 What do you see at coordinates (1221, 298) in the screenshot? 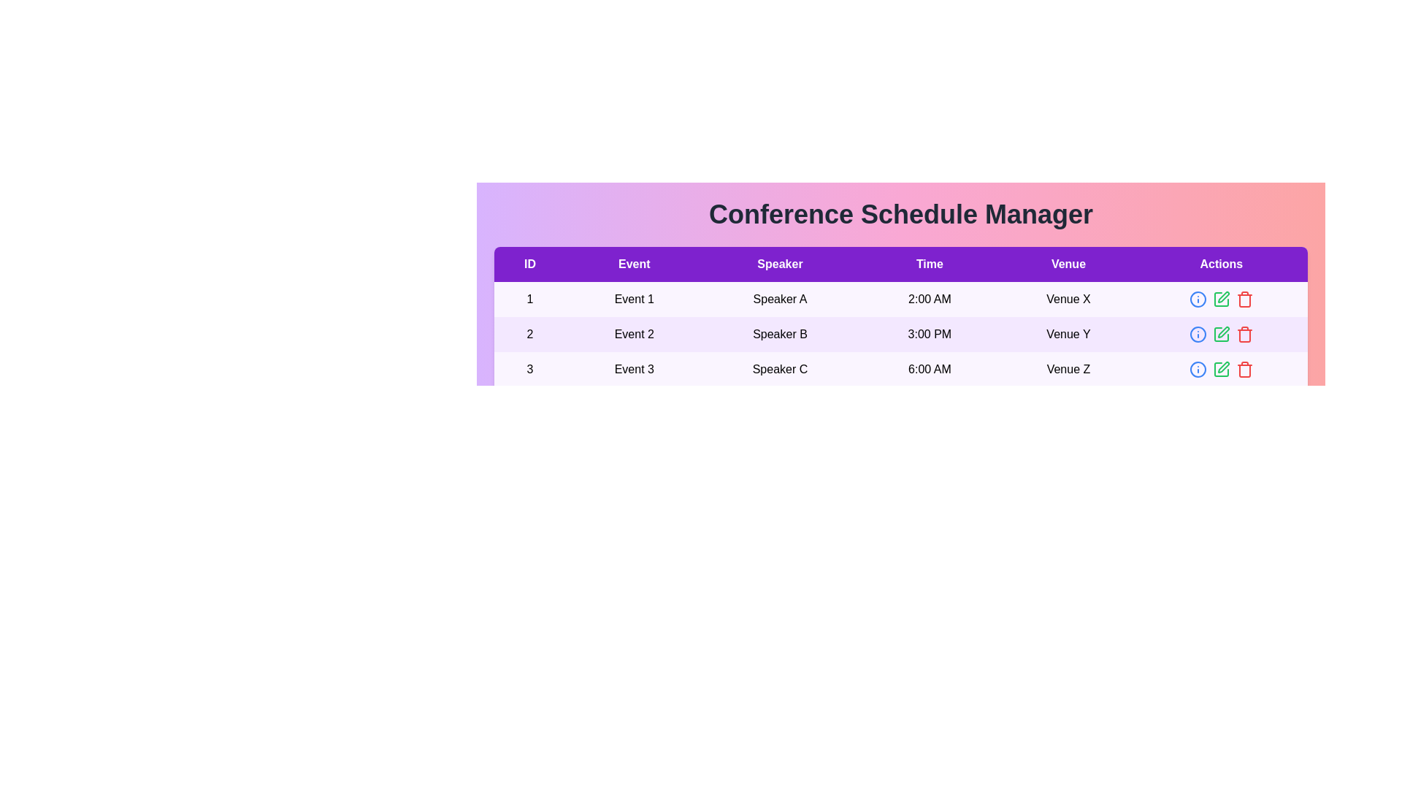
I see `'Edit' button for the event with ID 1` at bounding box center [1221, 298].